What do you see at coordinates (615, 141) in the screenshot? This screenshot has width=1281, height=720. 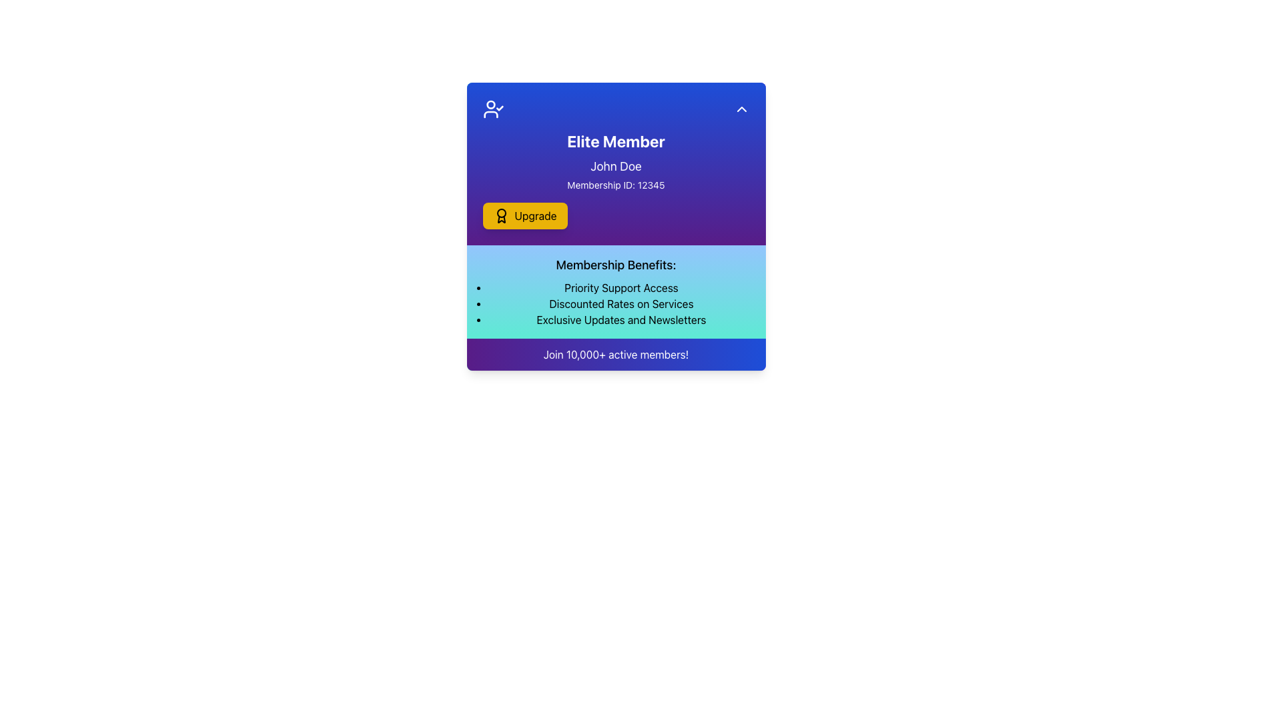 I see `the Text Label indicating the membership level or status, which is located above the 'John Doe' text and beneath an icon in the upper section of the card` at bounding box center [615, 141].